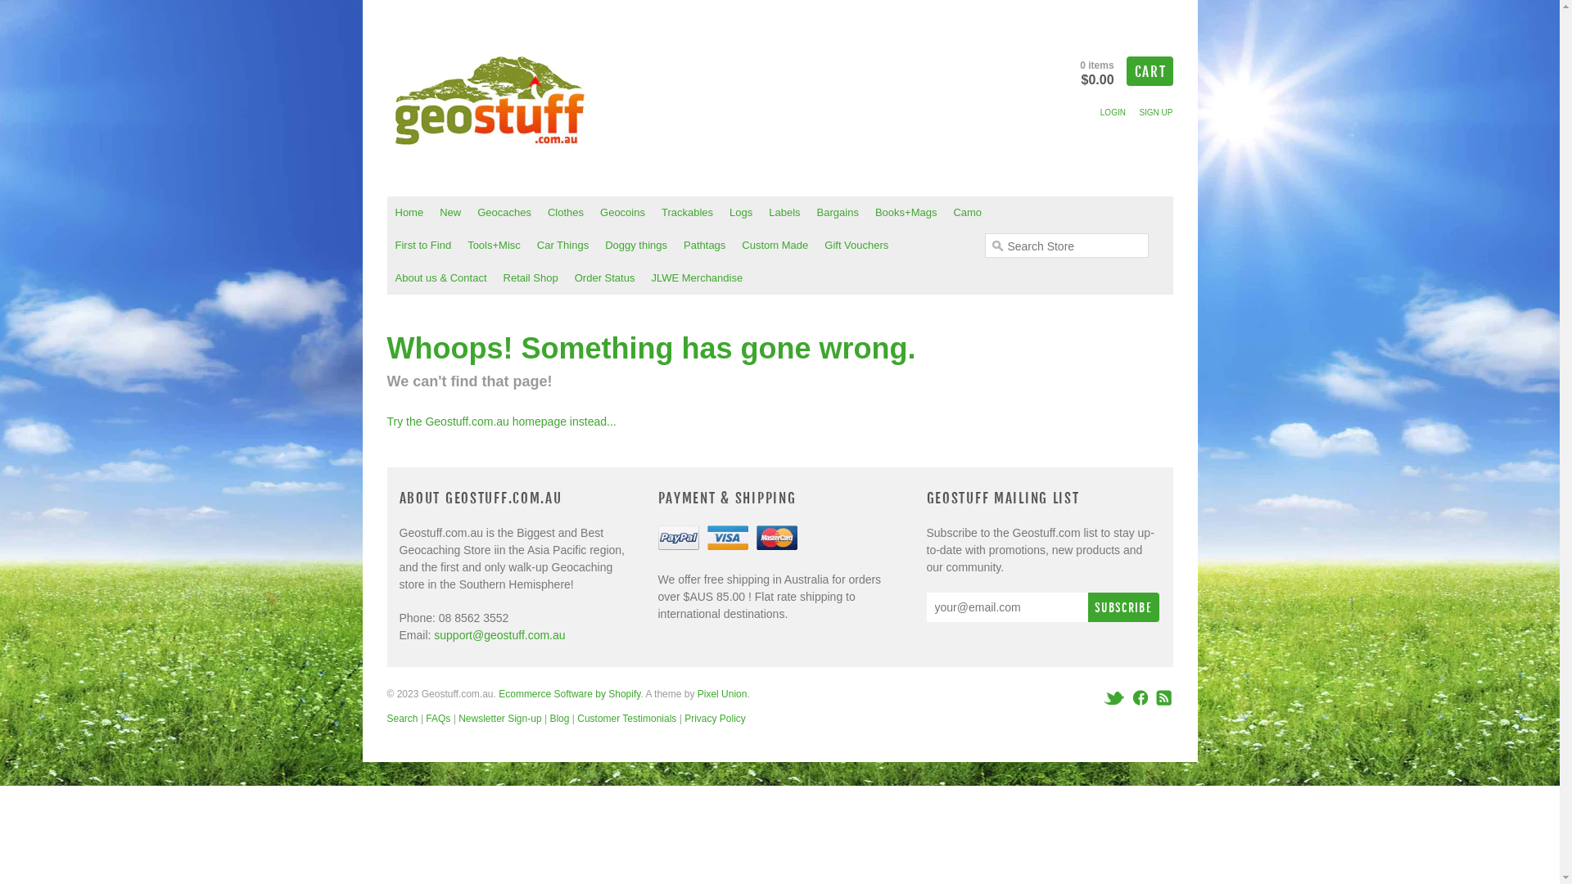 The height and width of the screenshot is (884, 1572). I want to click on 'Geocoins', so click(591, 211).